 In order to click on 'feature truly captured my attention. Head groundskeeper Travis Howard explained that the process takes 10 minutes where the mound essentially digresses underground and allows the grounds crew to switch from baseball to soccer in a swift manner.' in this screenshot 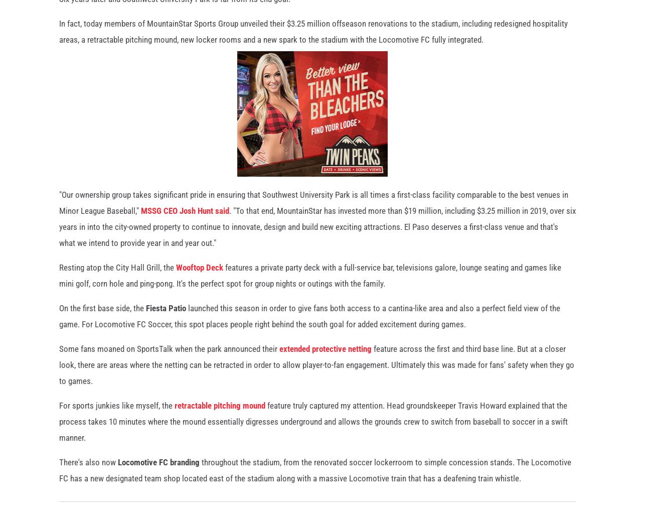, I will do `click(312, 426)`.